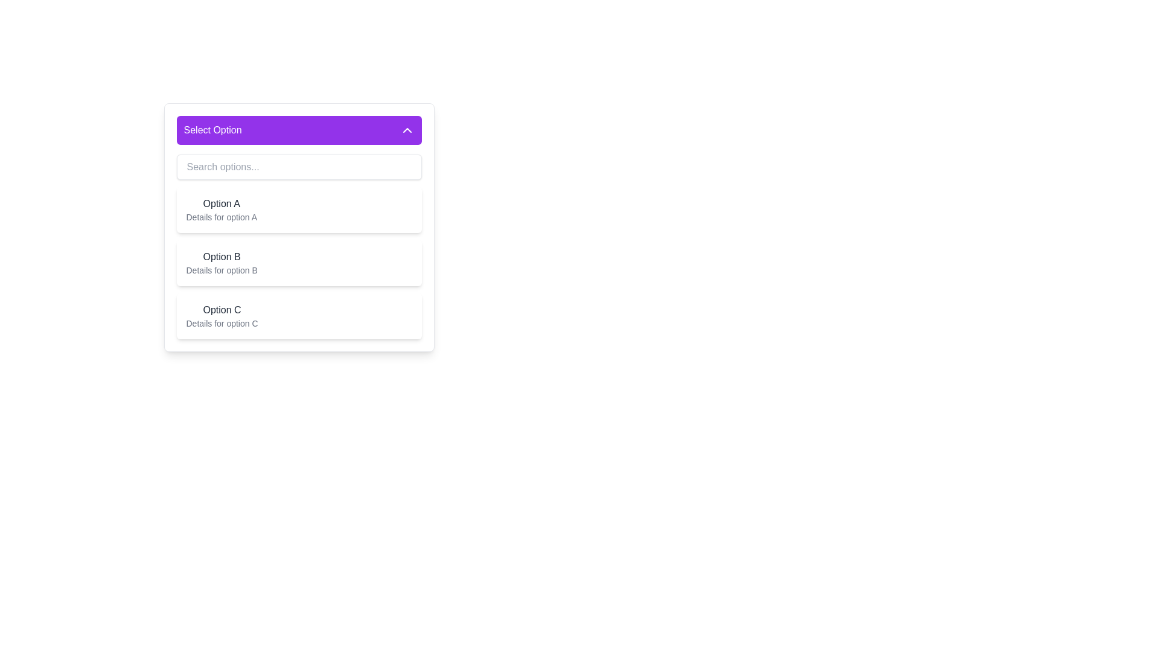 The height and width of the screenshot is (652, 1159). Describe the element at coordinates (407, 130) in the screenshot. I see `the chevron-up icon, which is a white arrowhead pointing upwards on a purple background, located to the far-right side of the header bar labeled 'Select Option'` at that location.